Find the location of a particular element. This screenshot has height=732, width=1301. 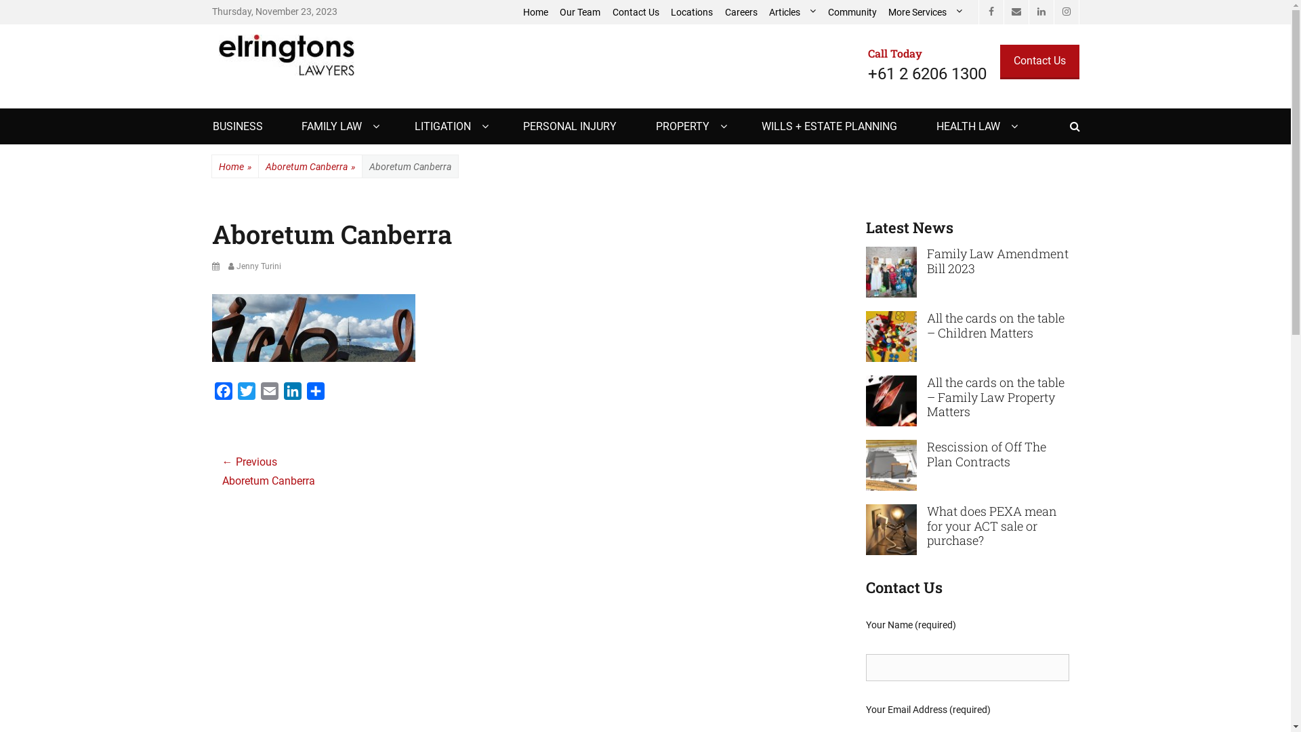

'Jenny Turini' is located at coordinates (253, 266).